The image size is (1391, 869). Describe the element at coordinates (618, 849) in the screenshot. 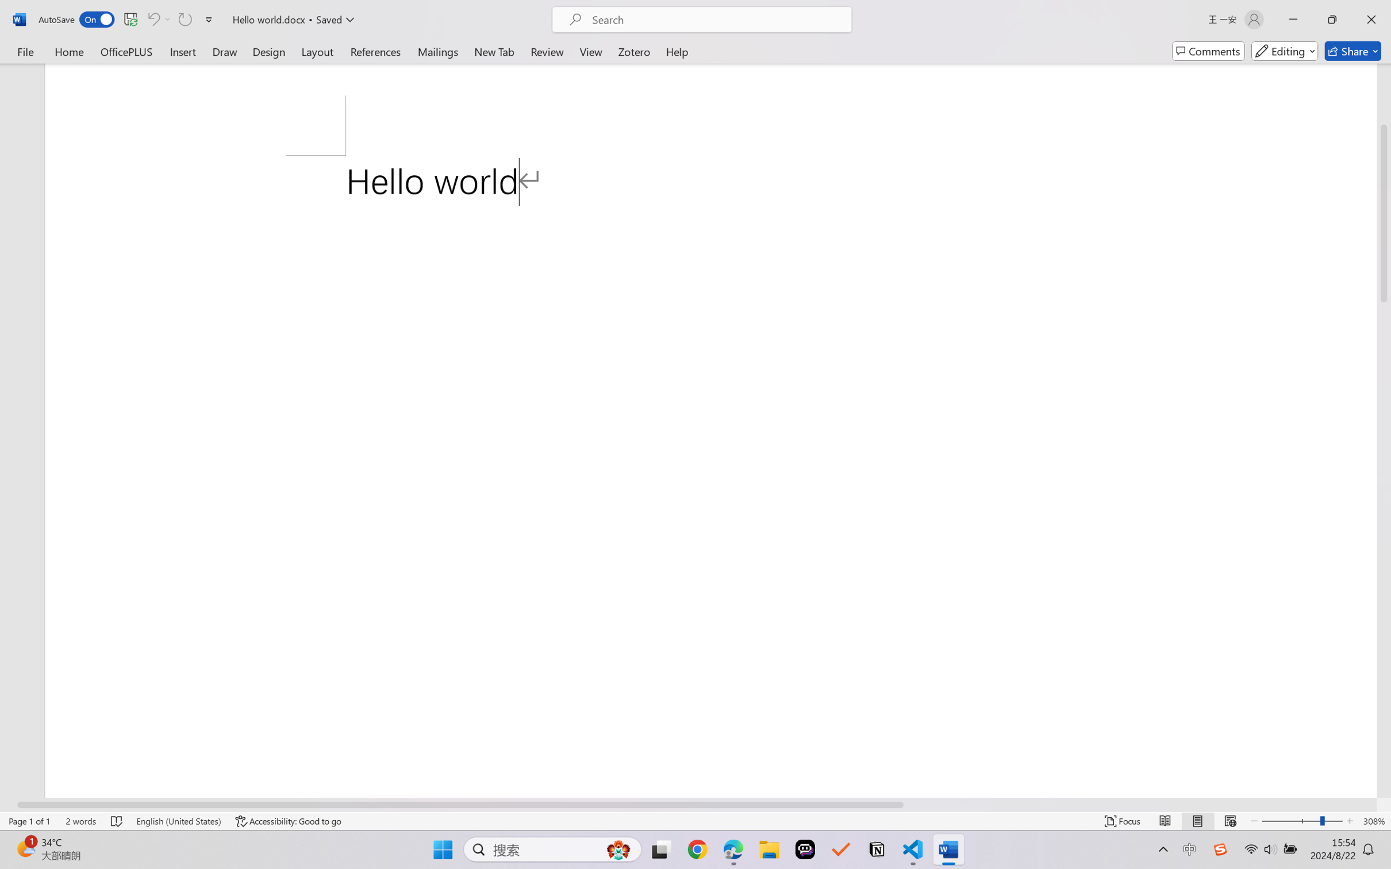

I see `'AutomationID: DynamicSearchBoxGleamImage'` at that location.